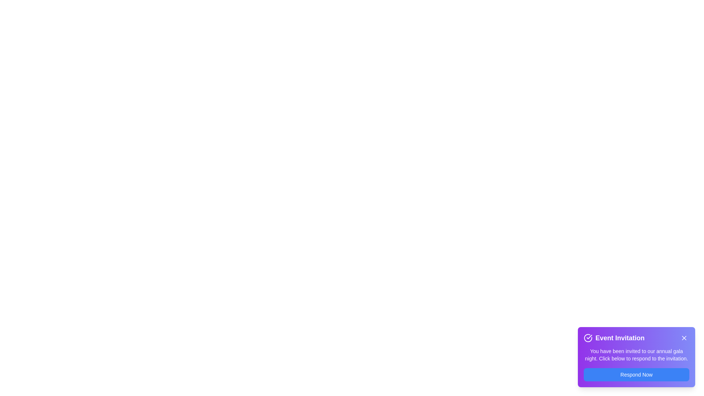 The image size is (704, 396). What do you see at coordinates (684, 338) in the screenshot?
I see `the close button to close the snackbar` at bounding box center [684, 338].